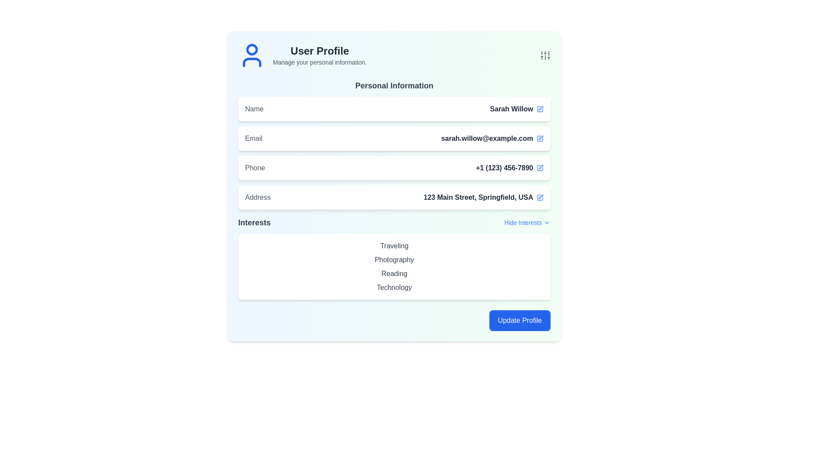 The height and width of the screenshot is (468, 833). What do you see at coordinates (492, 138) in the screenshot?
I see `the email address displayed in the second row of the 'Personal Information' section, located to the right of the label 'Email'` at bounding box center [492, 138].